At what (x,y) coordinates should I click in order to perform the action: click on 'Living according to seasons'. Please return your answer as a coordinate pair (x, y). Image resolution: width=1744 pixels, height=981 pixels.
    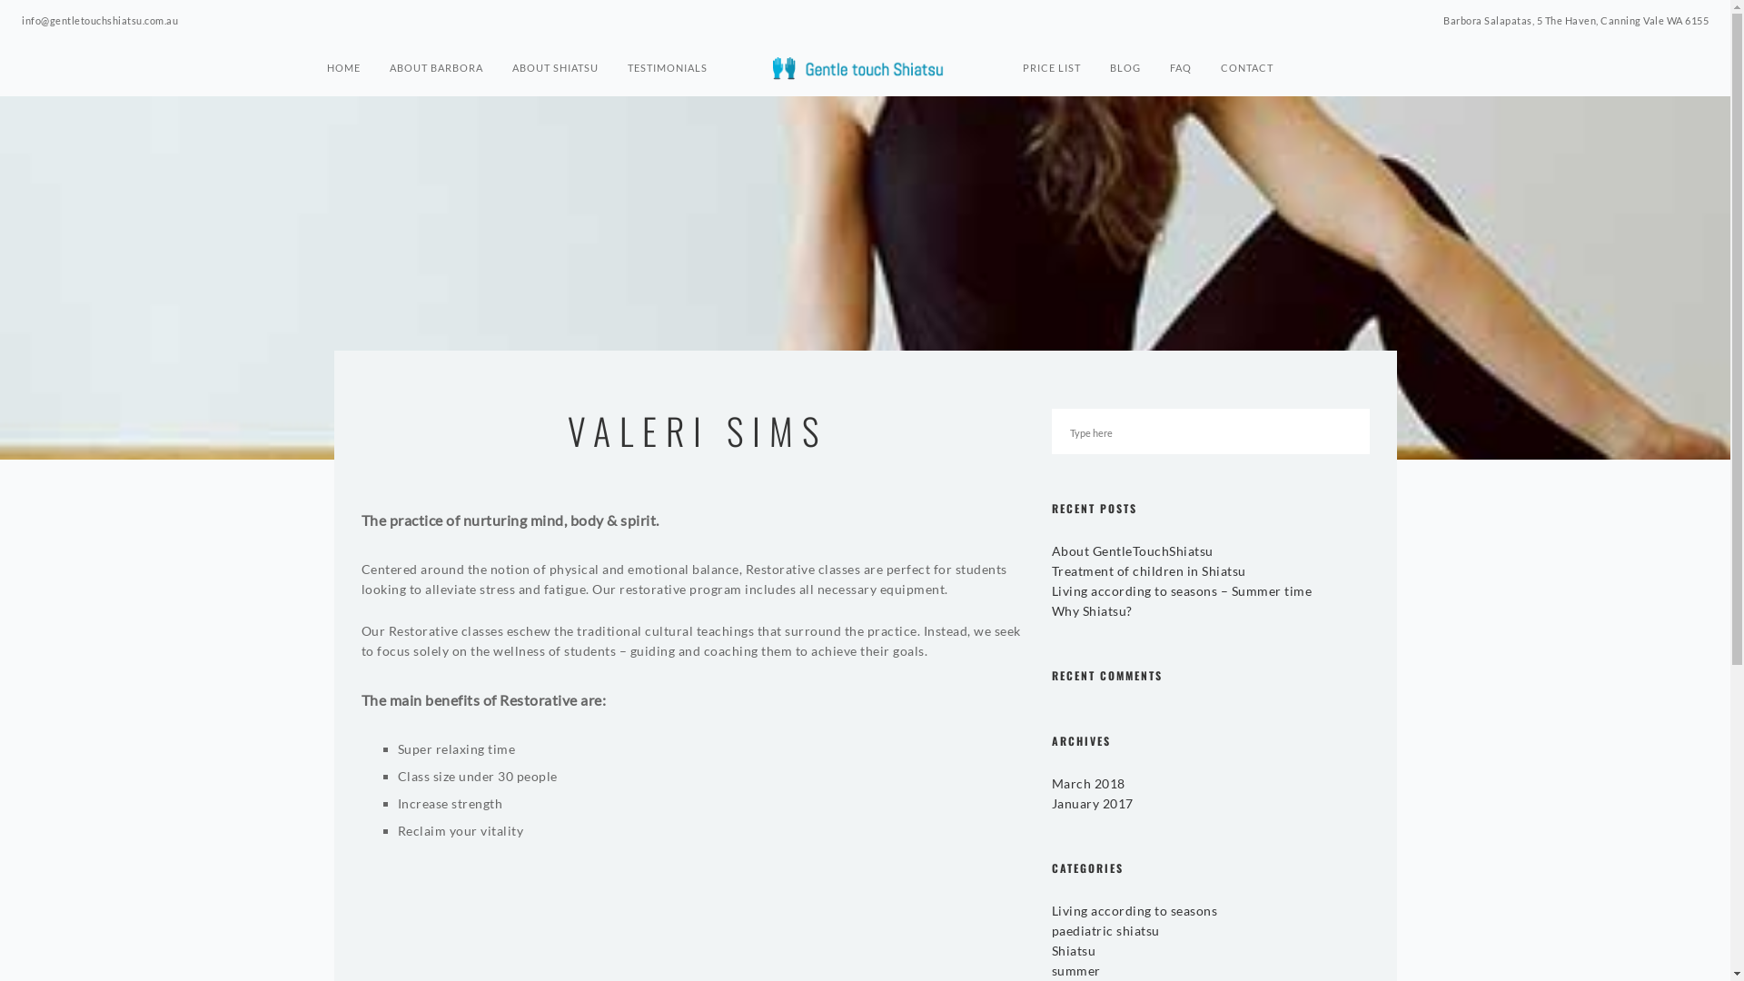
    Looking at the image, I should click on (1134, 910).